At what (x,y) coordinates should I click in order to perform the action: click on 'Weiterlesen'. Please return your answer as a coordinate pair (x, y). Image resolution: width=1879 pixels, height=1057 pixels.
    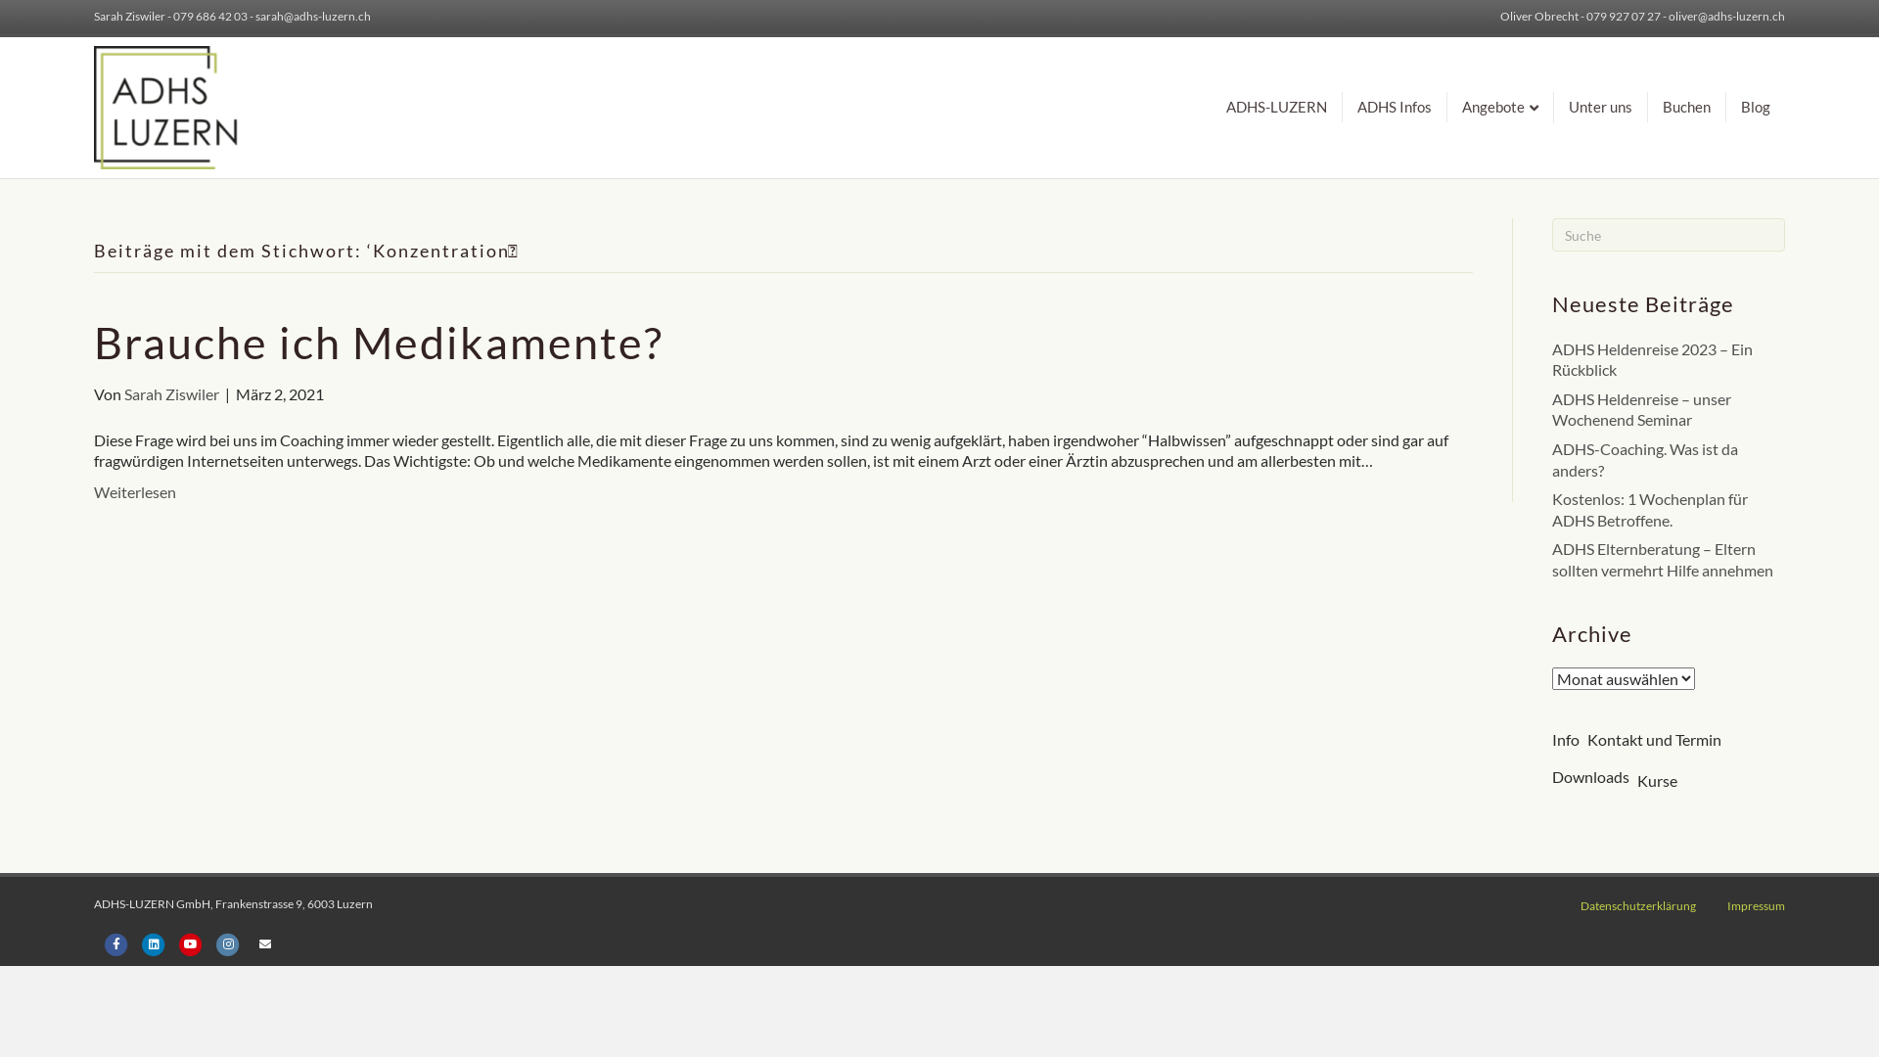
    Looking at the image, I should click on (134, 490).